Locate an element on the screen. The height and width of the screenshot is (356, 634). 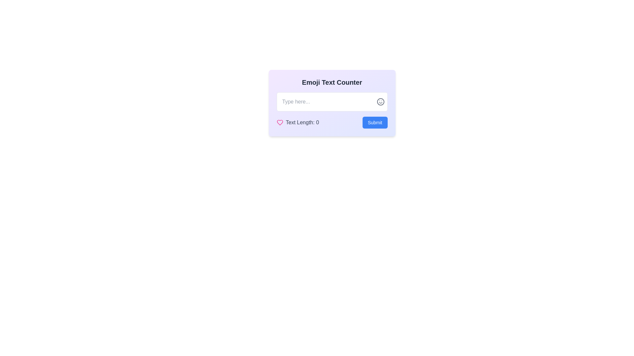
the pink heart icon, which is the leftmost element in a horizontal layout with the text 'Text Length: 0' to its right is located at coordinates (280, 122).